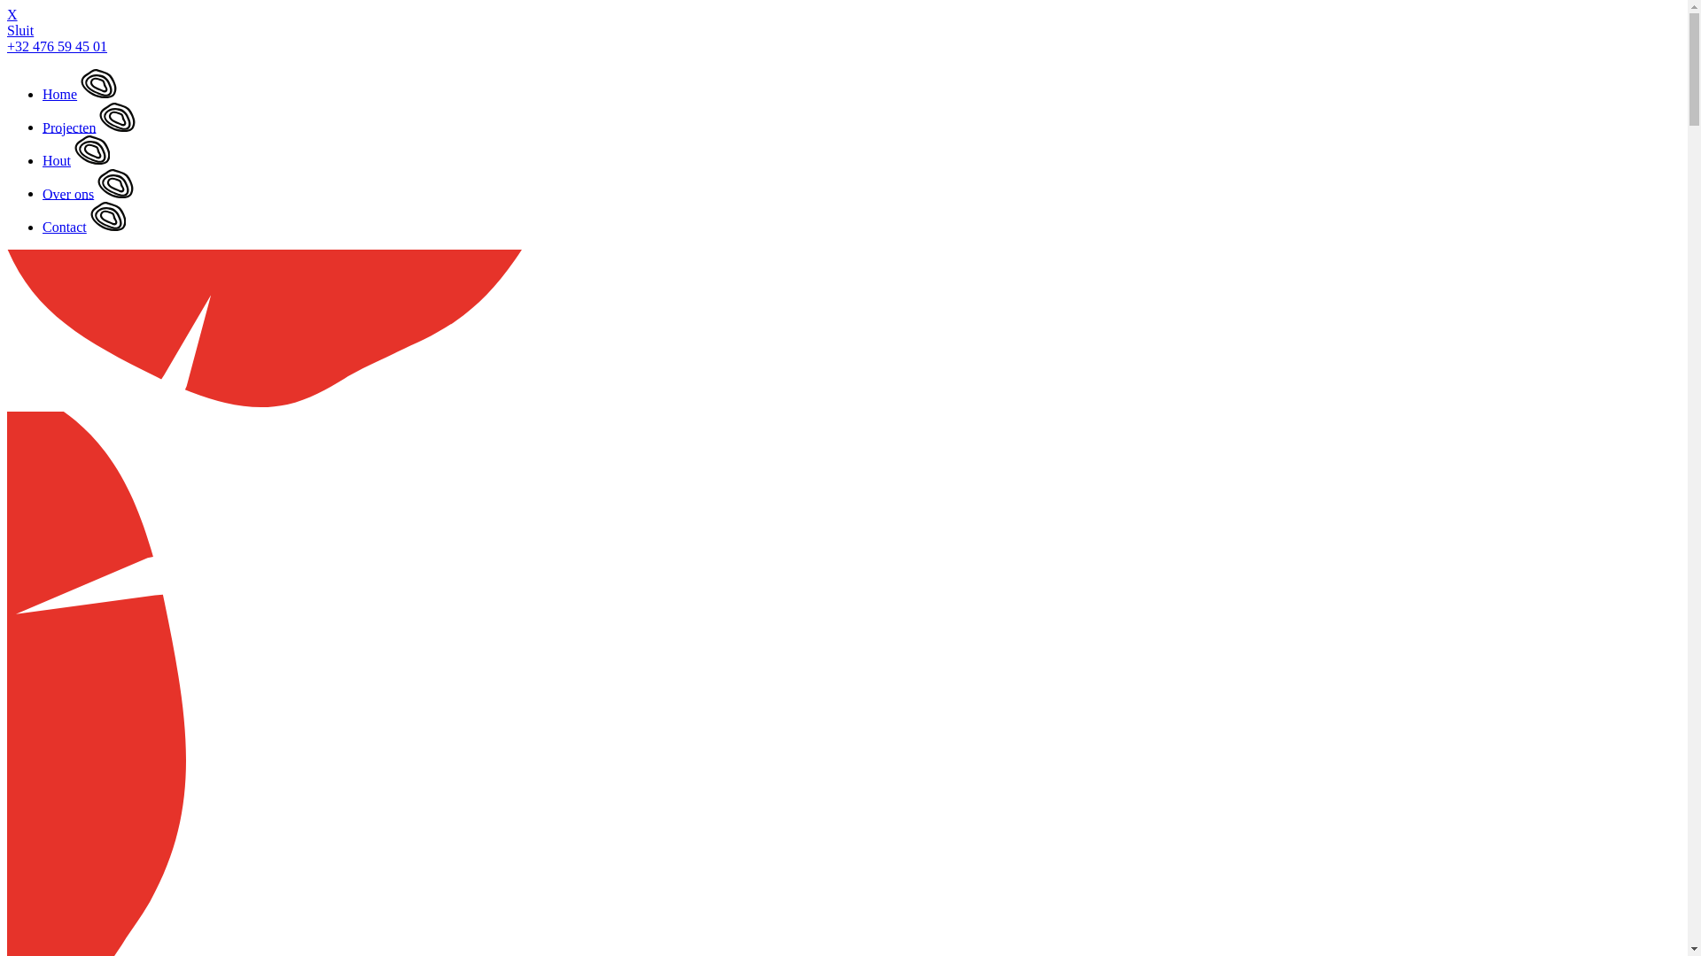  What do you see at coordinates (843, 23) in the screenshot?
I see `'X` at bounding box center [843, 23].